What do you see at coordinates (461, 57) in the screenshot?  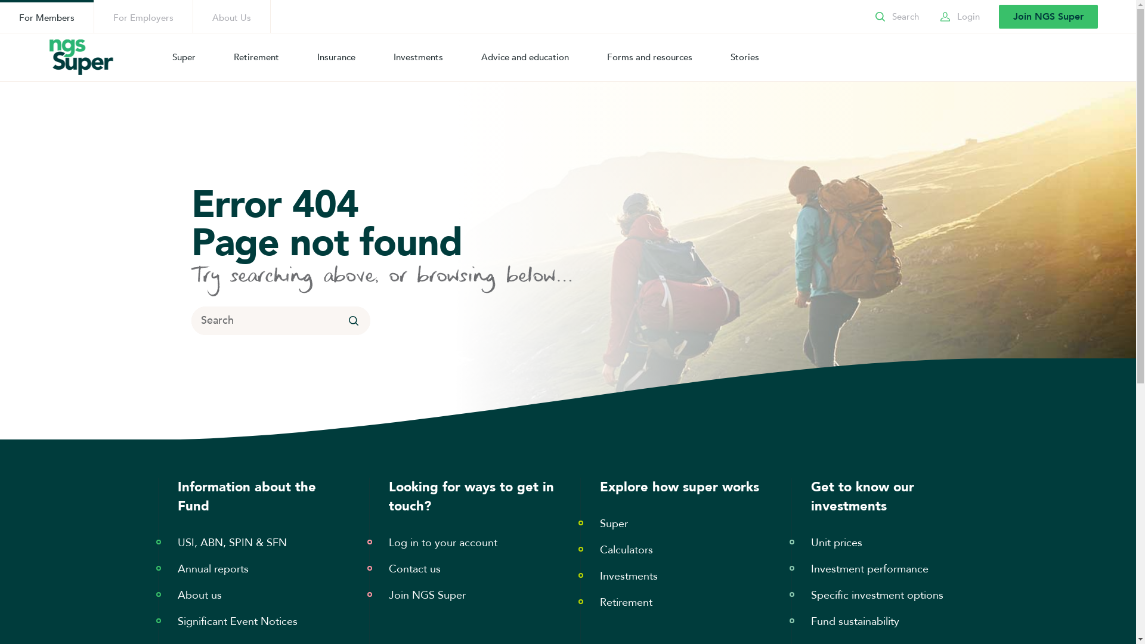 I see `'Advice and education'` at bounding box center [461, 57].